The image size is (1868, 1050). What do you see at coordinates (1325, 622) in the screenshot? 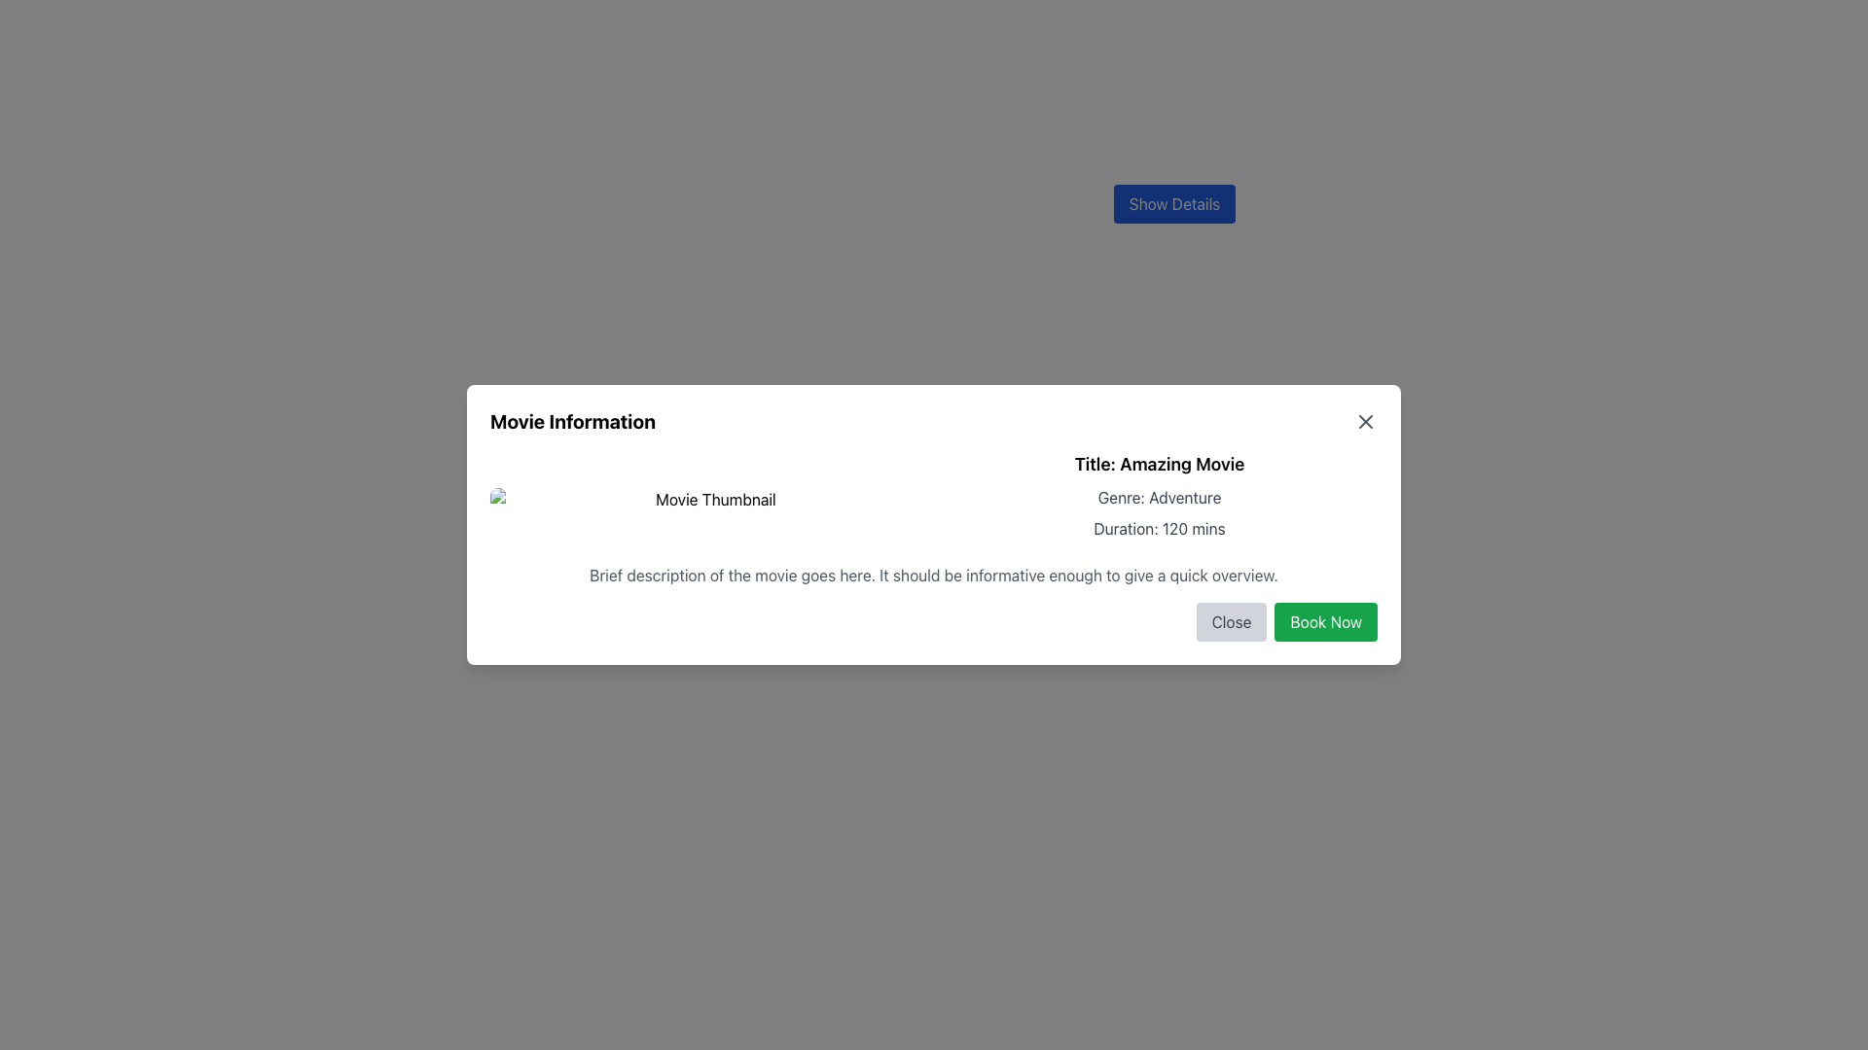
I see `the booking confirmation button, which is the second and rightmost button in the modal window, located to the right of the 'Close' button` at bounding box center [1325, 622].